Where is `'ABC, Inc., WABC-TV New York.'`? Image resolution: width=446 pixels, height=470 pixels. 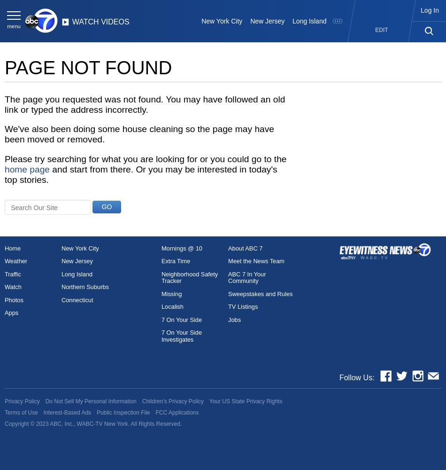
'ABC, Inc., WABC-TV New York.' is located at coordinates (50, 424).